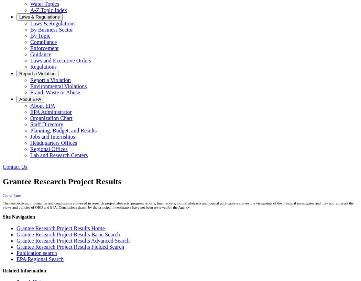 The height and width of the screenshot is (281, 361). What do you see at coordinates (2, 195) in the screenshot?
I see `'Top of Page'` at bounding box center [2, 195].